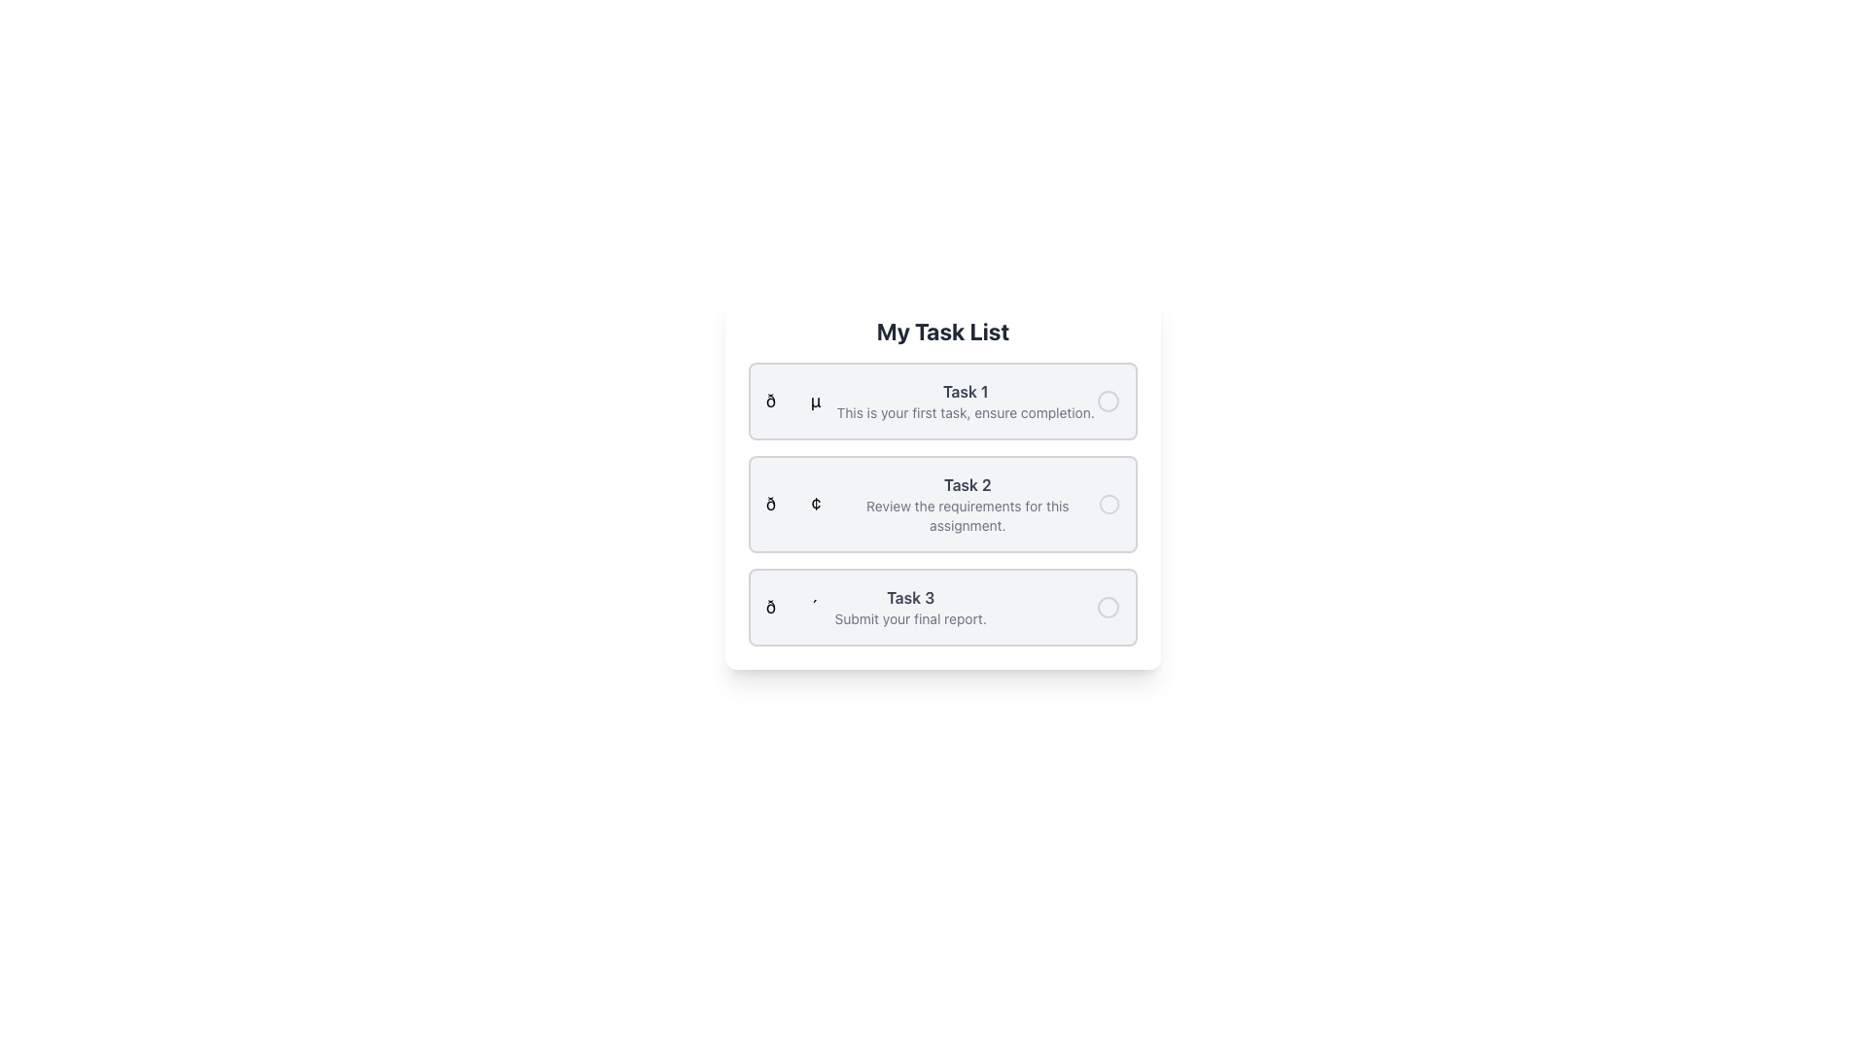 The width and height of the screenshot is (1867, 1050). What do you see at coordinates (1109, 400) in the screenshot?
I see `the decorative or informational SVG circle icon located at the far-right of the 'Task 1' row` at bounding box center [1109, 400].